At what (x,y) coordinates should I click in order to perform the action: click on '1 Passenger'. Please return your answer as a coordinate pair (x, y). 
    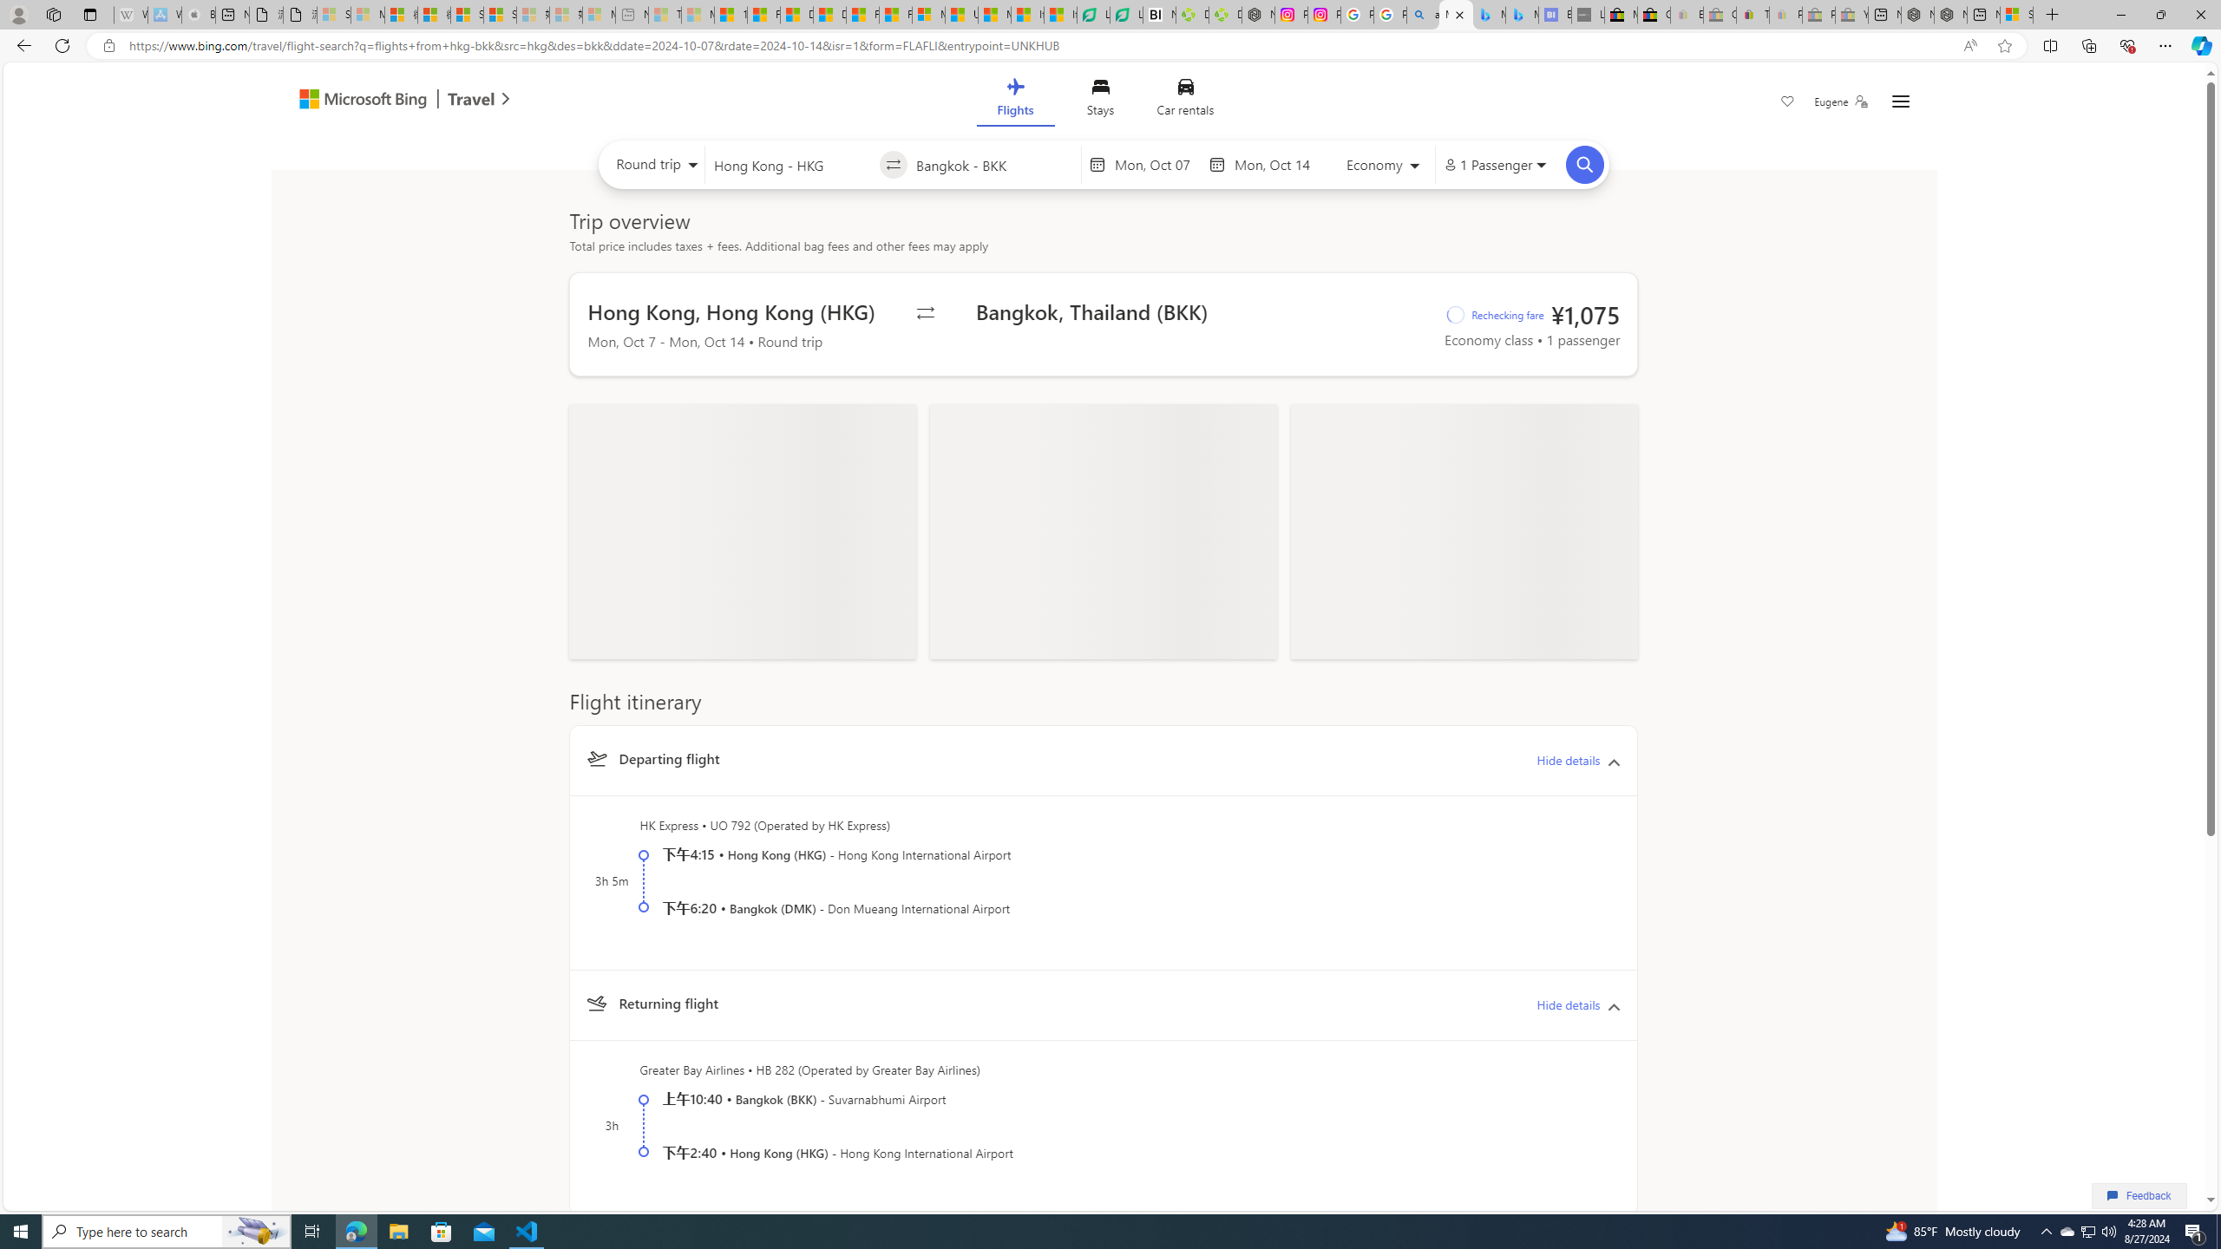
    Looking at the image, I should click on (1493, 164).